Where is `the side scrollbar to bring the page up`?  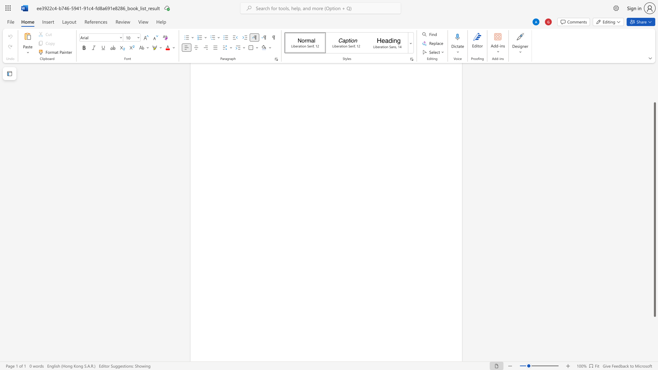 the side scrollbar to bring the page up is located at coordinates (654, 75).